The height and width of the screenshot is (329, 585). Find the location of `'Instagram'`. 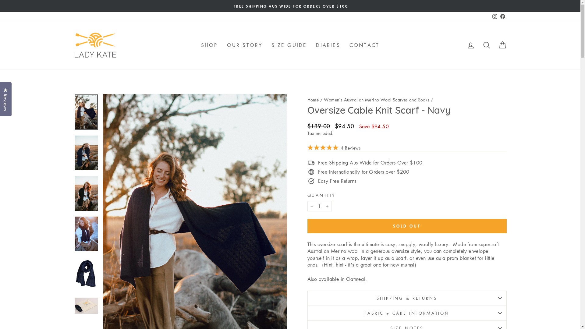

'Instagram' is located at coordinates (494, 16).